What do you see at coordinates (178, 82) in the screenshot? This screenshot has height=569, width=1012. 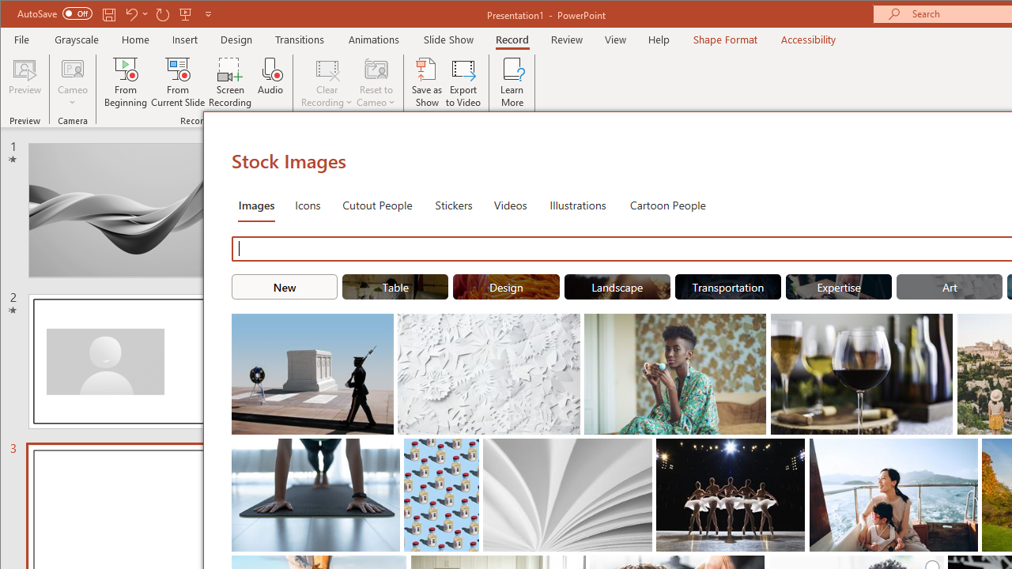 I see `'From Current Slide...'` at bounding box center [178, 82].